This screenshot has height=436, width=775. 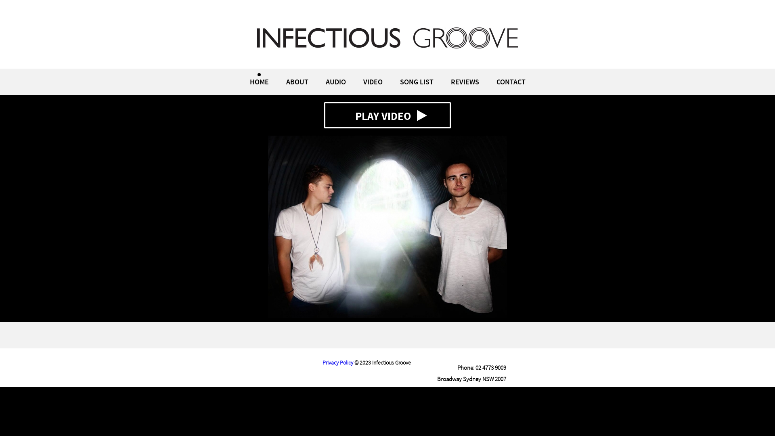 What do you see at coordinates (373, 82) in the screenshot?
I see `'VIDEO'` at bounding box center [373, 82].